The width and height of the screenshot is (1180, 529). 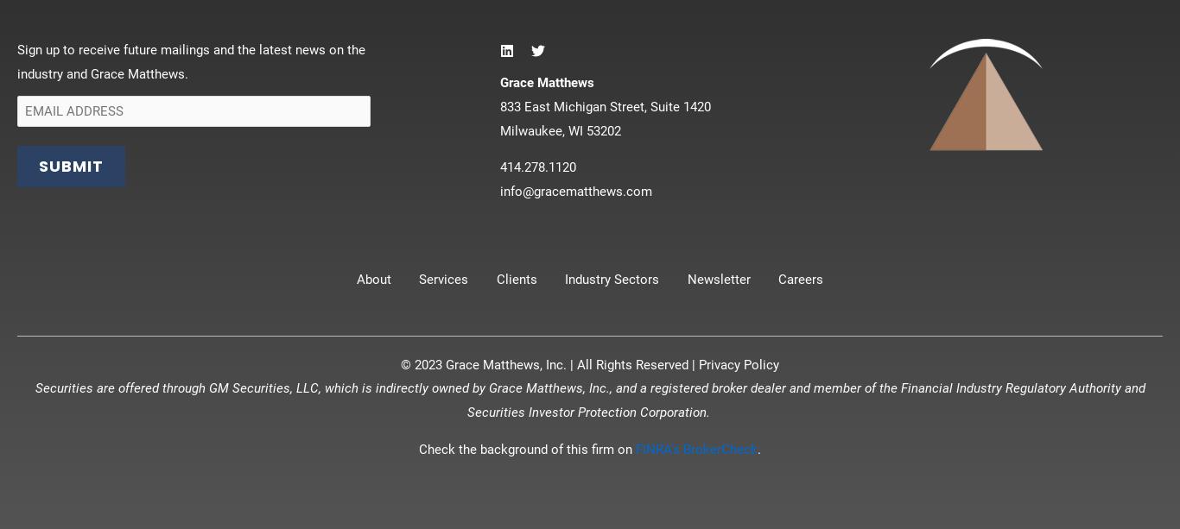 I want to click on 'Privacy Policy', so click(x=738, y=363).